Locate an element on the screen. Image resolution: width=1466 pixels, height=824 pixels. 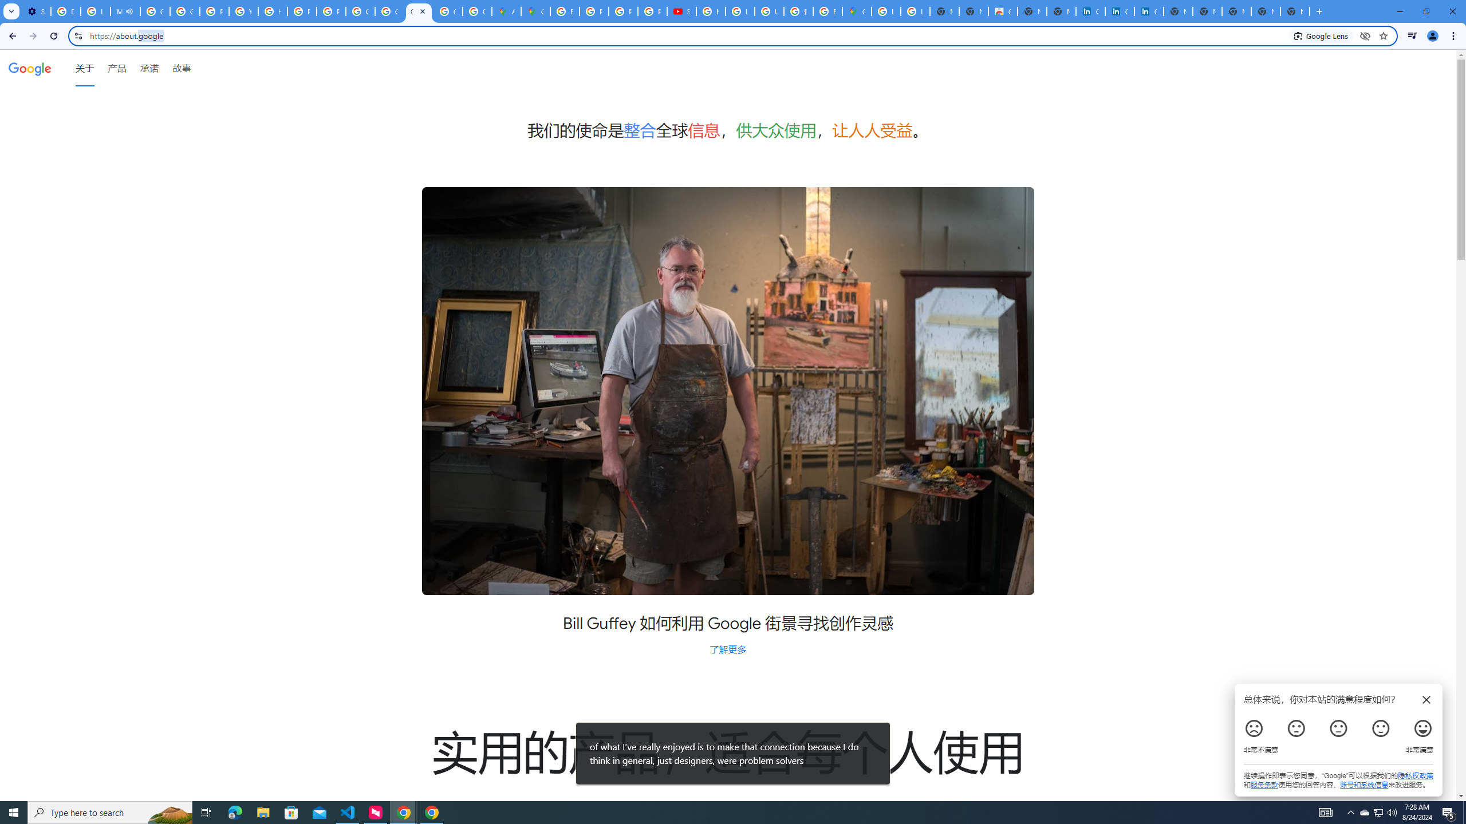
'New Tab' is located at coordinates (1295, 11).